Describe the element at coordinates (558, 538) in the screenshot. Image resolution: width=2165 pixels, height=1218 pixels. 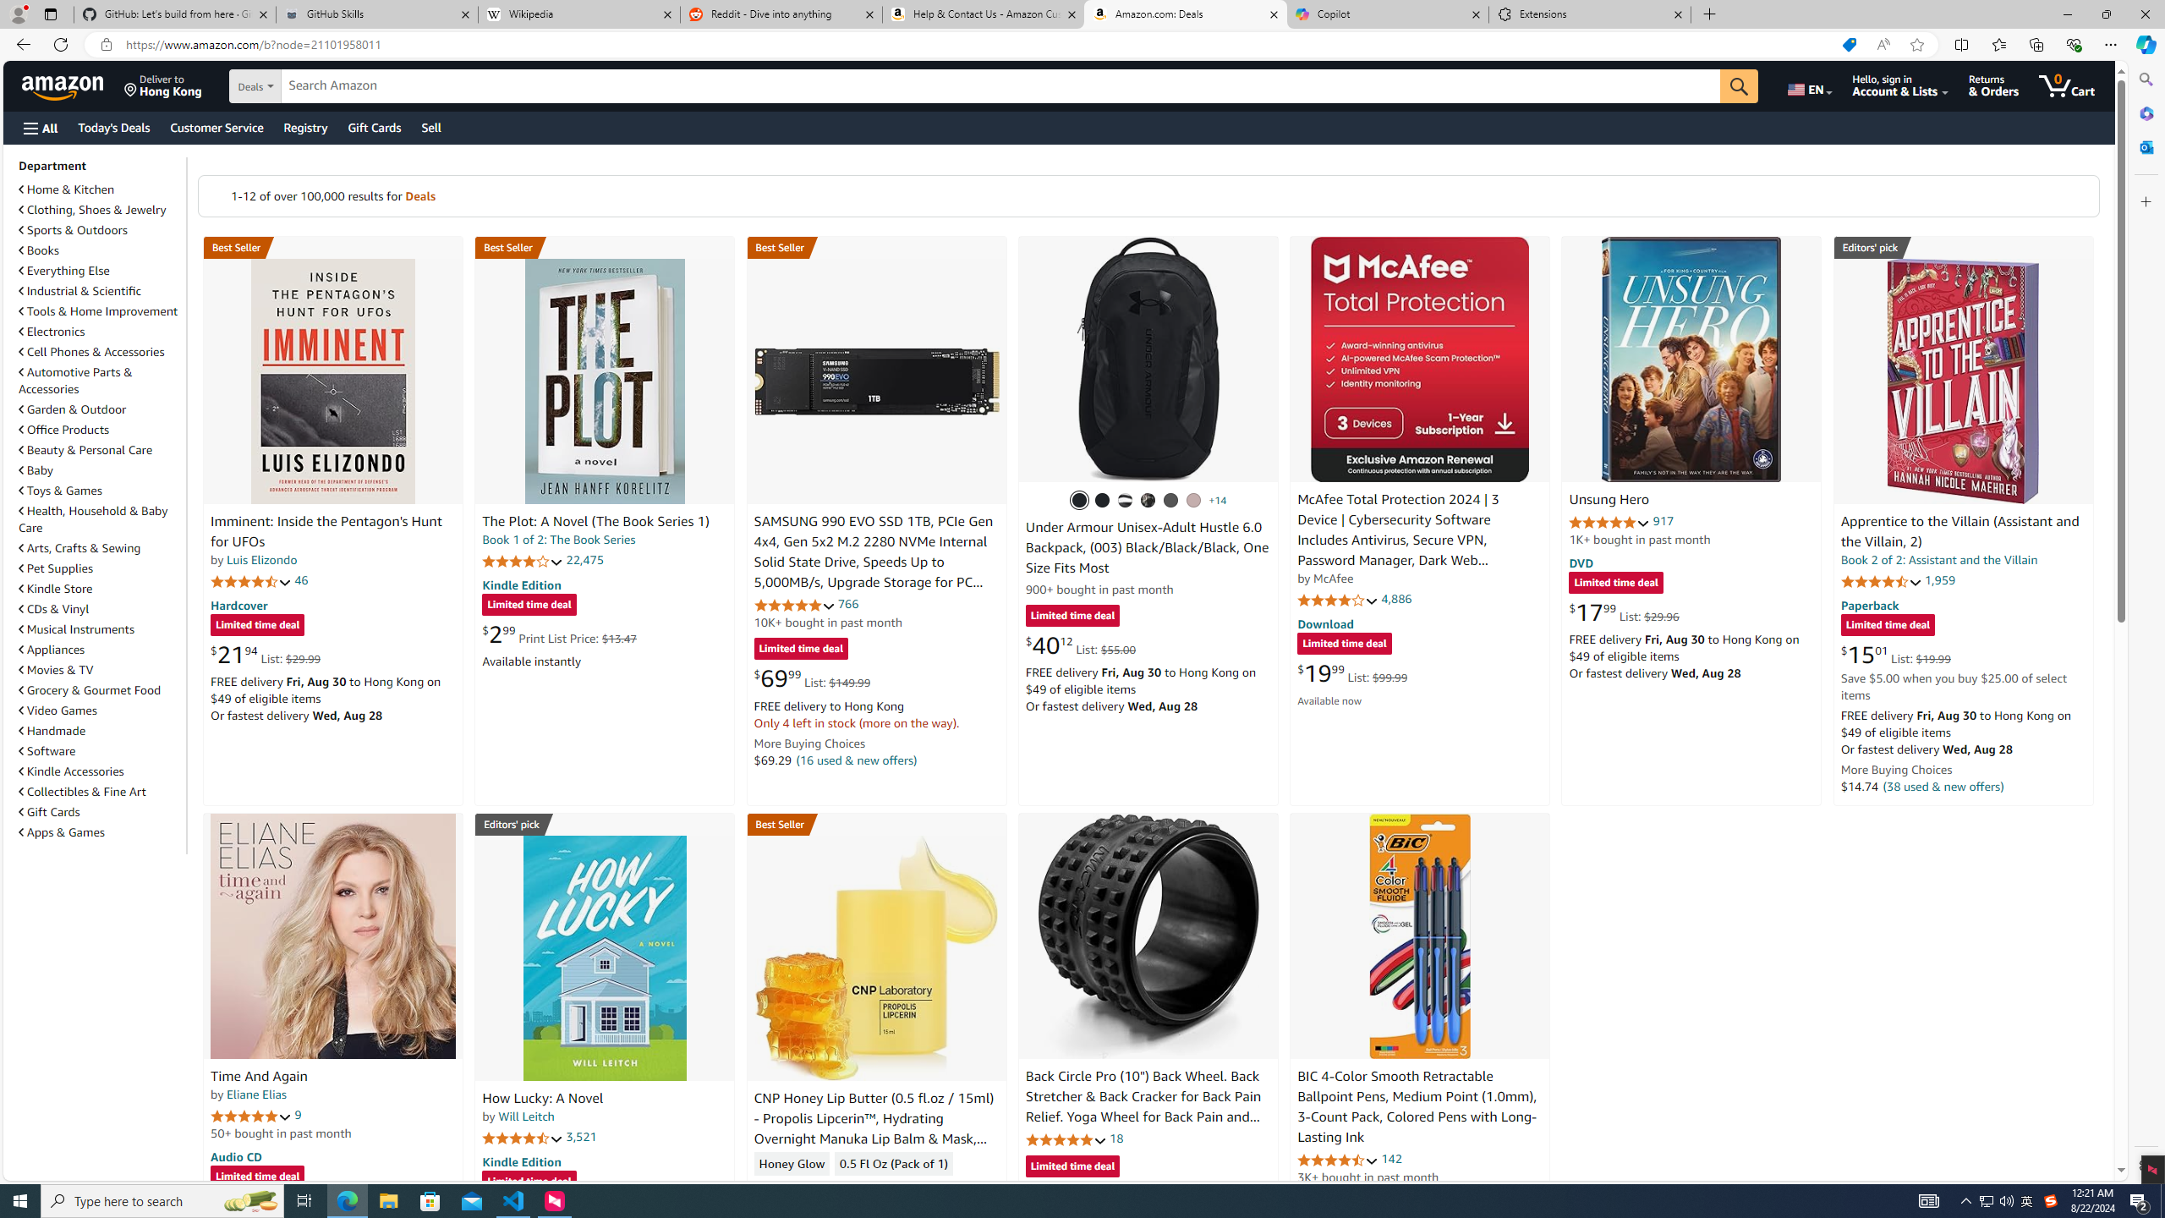
I see `'Book 1 of 2: The Book Series'` at that location.